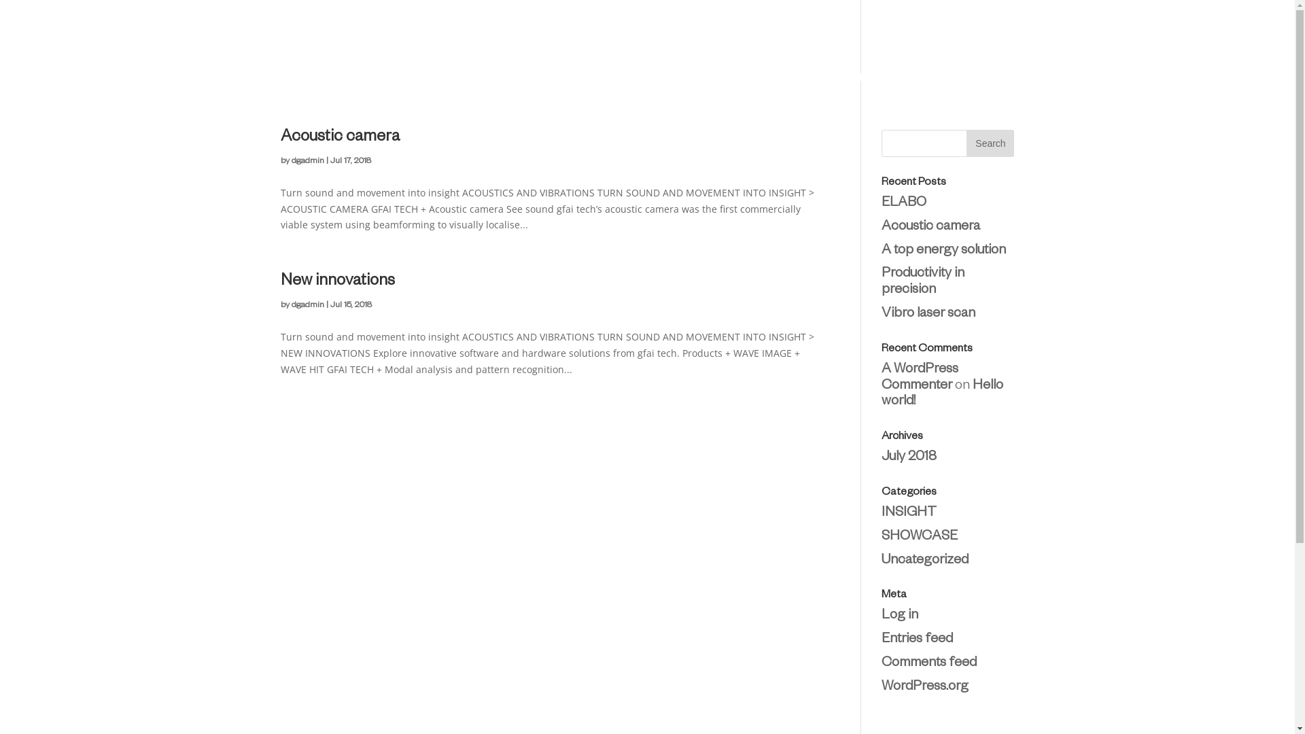 This screenshot has height=734, width=1305. I want to click on 'Log in', so click(900, 616).